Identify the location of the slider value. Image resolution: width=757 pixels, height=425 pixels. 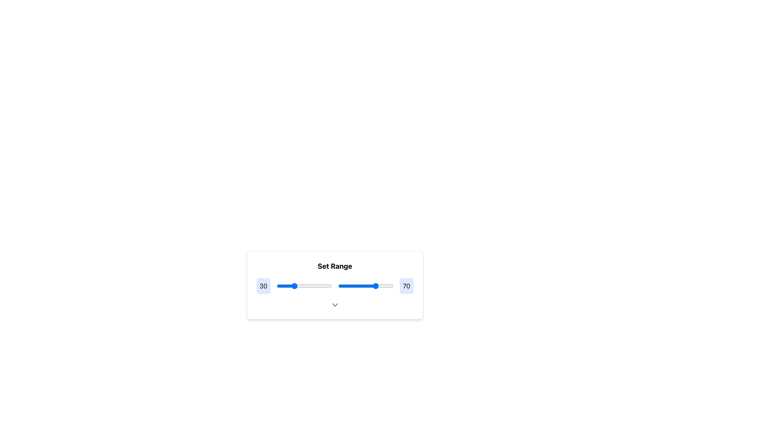
(314, 286).